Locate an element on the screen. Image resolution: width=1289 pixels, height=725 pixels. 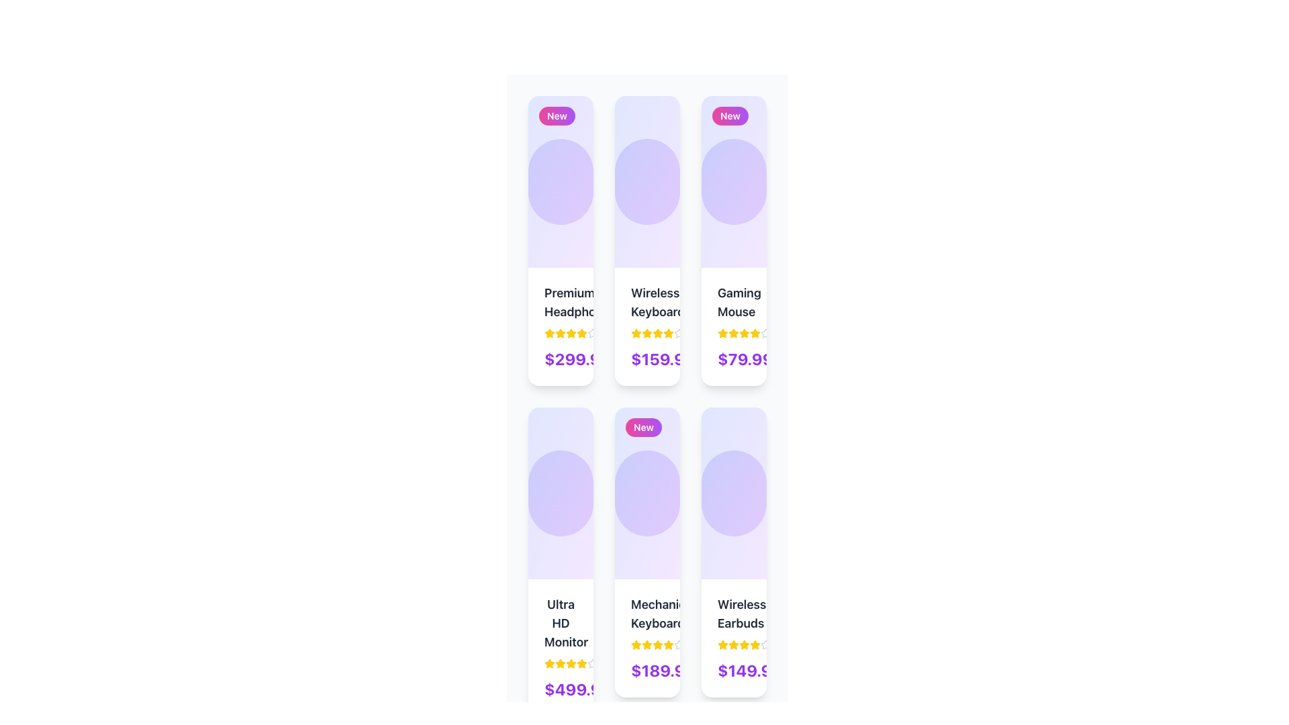
the yellow star icon used for ratings in the second card of the grid layout is located at coordinates (647, 644).